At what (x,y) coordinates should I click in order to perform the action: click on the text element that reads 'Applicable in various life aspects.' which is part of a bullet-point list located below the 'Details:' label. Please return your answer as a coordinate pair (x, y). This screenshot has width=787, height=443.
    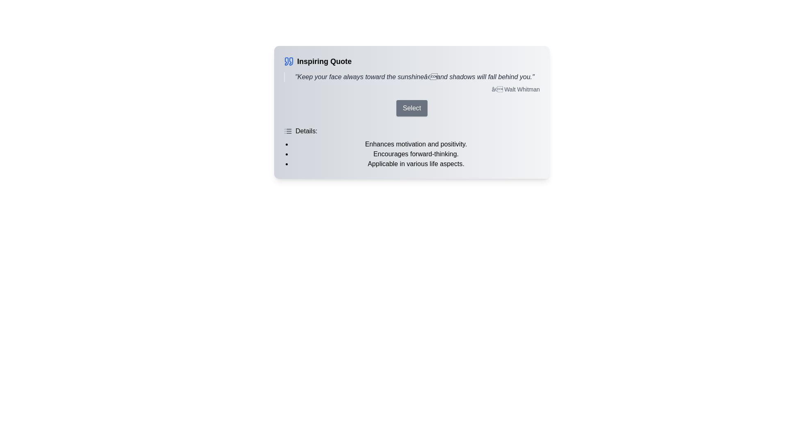
    Looking at the image, I should click on (416, 164).